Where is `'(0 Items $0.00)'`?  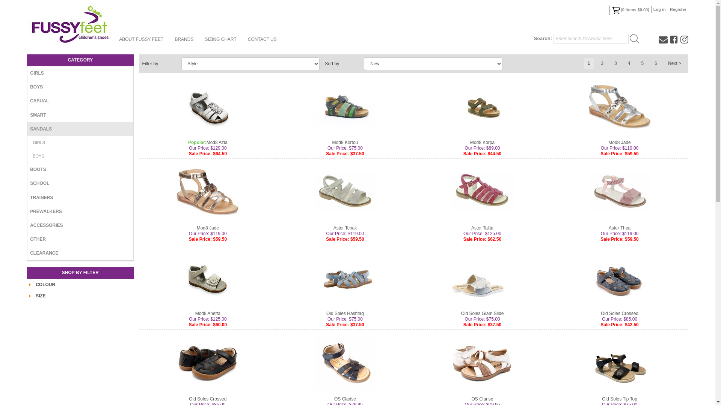 '(0 Items $0.00)' is located at coordinates (609, 10).